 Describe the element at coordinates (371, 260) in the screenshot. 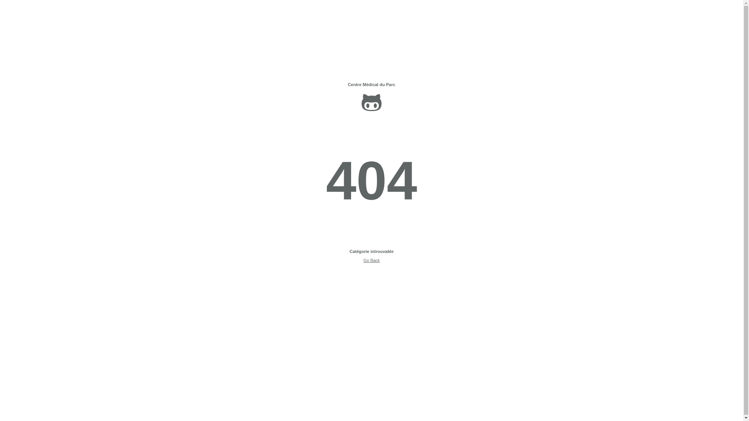

I see `'Go Back'` at that location.